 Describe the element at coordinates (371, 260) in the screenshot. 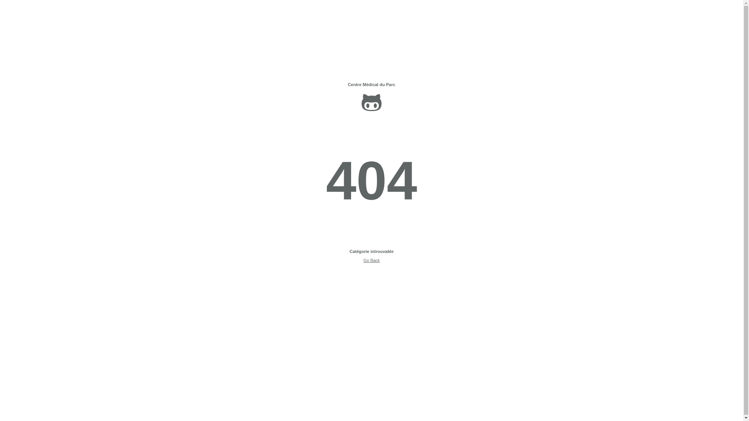

I see `'Go Back'` at that location.